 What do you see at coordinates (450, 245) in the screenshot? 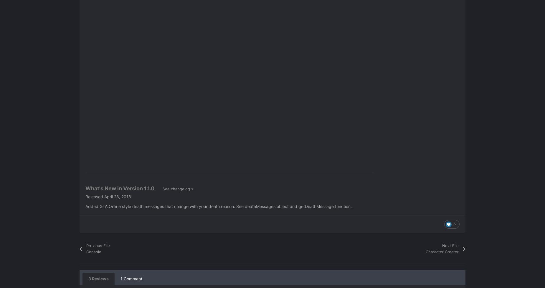
I see `'Next File'` at bounding box center [450, 245].